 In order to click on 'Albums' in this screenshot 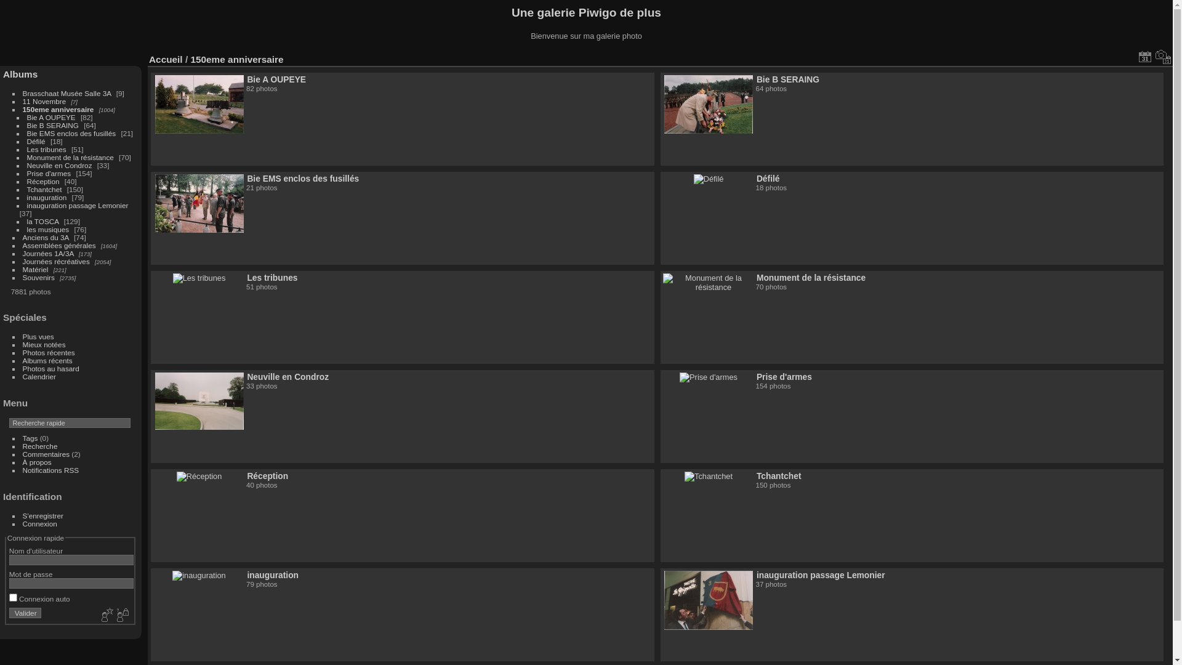, I will do `click(20, 74)`.